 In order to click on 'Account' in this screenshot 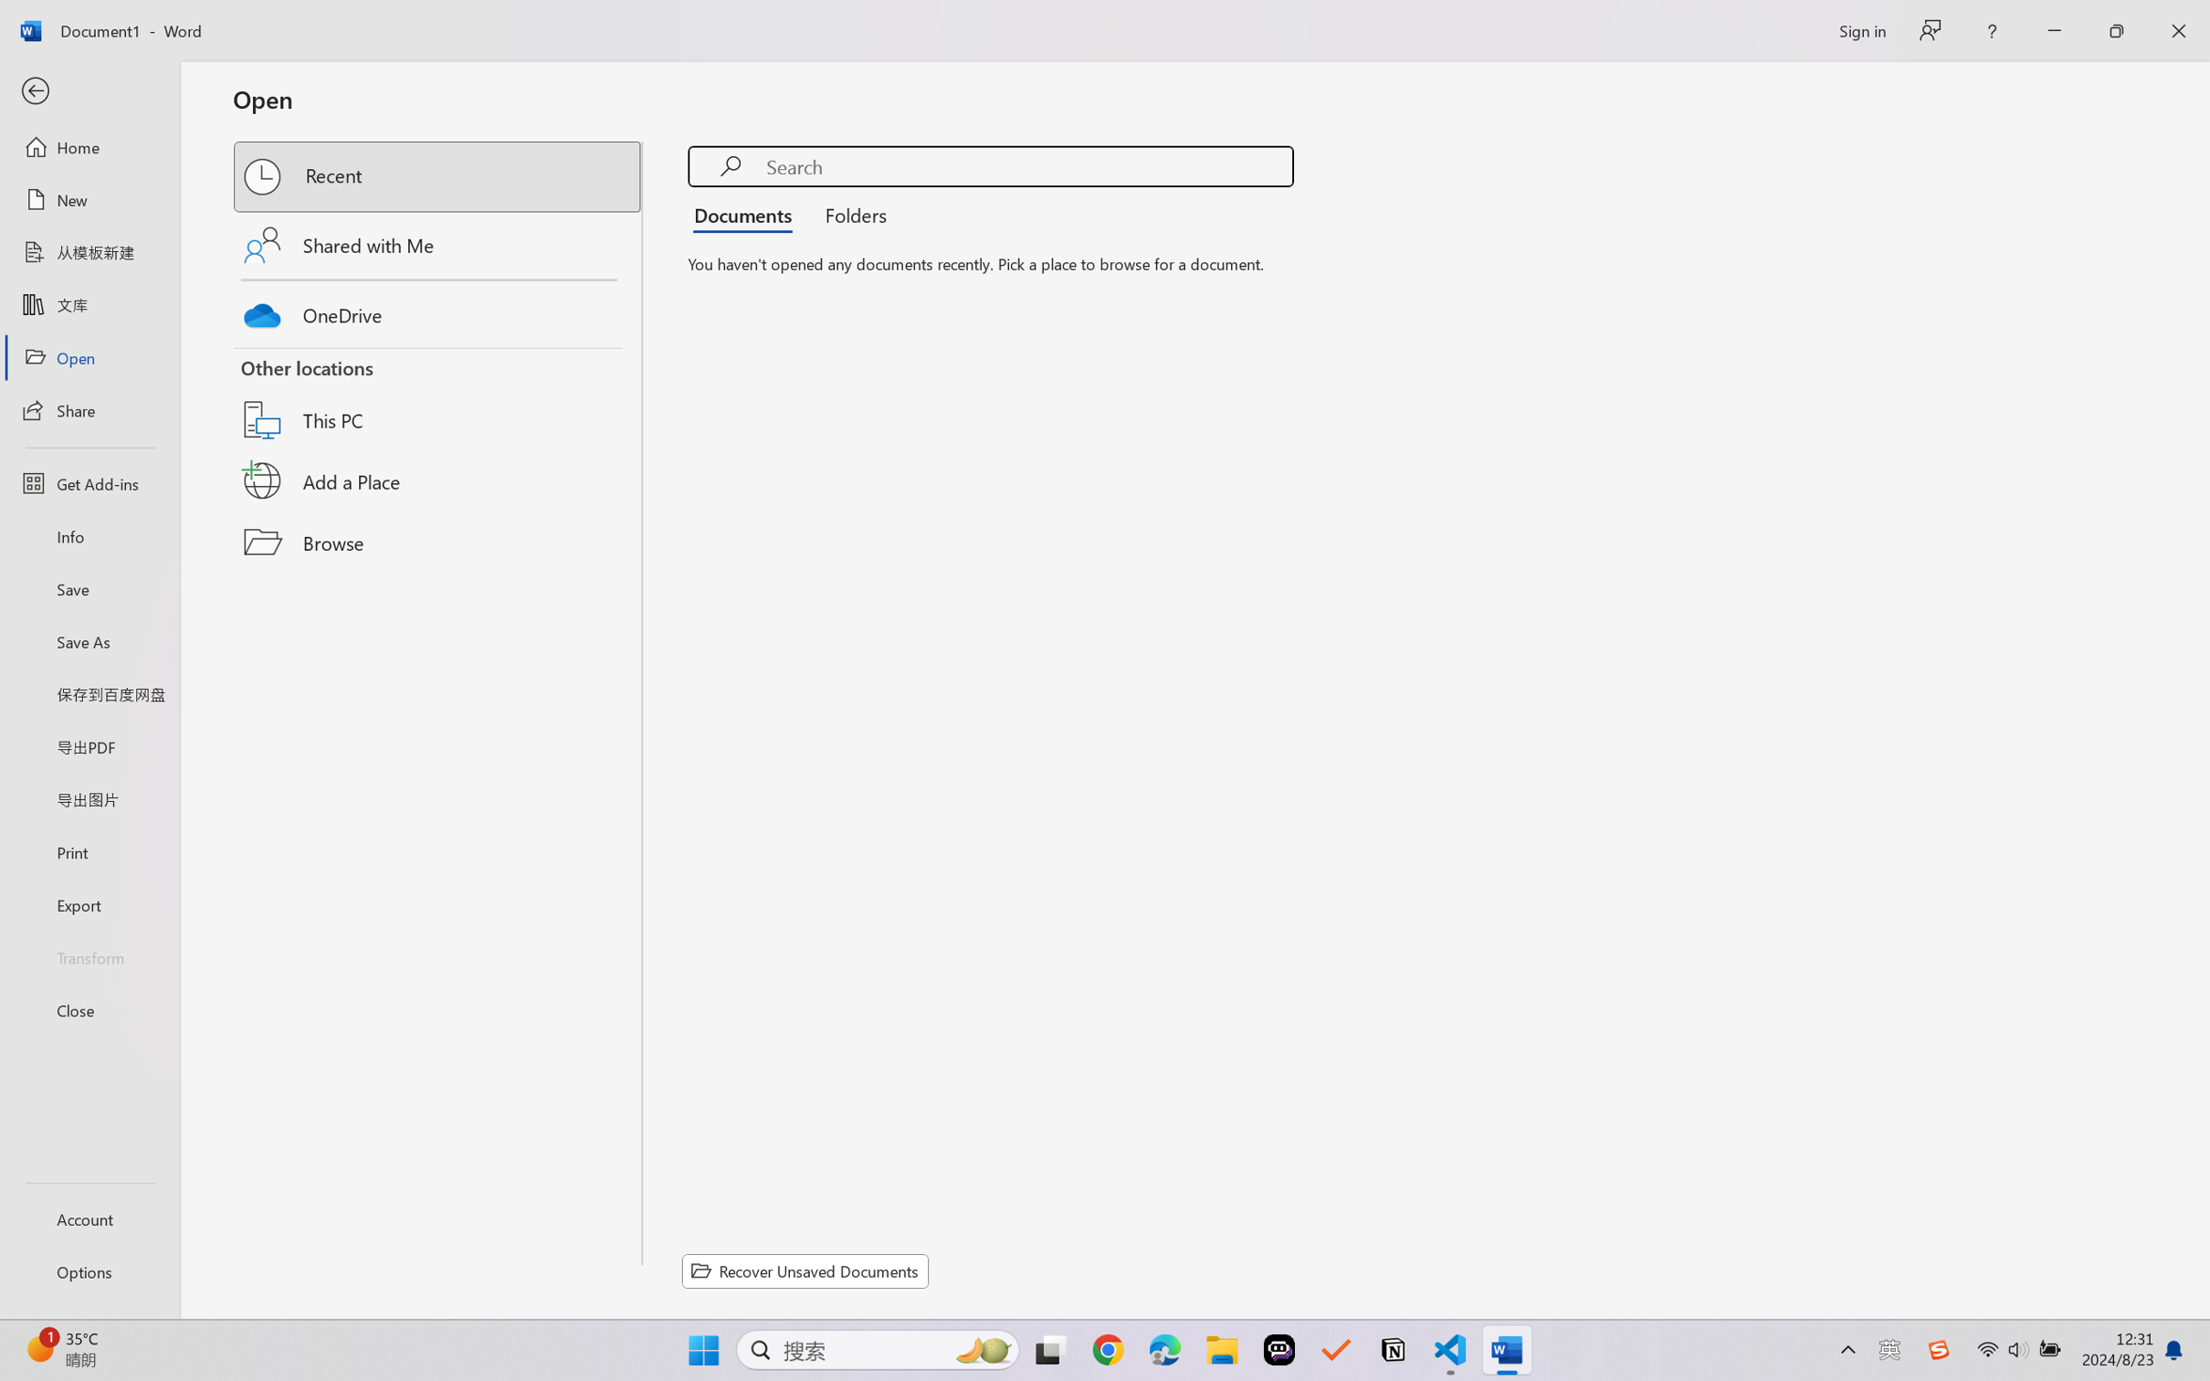, I will do `click(89, 1218)`.